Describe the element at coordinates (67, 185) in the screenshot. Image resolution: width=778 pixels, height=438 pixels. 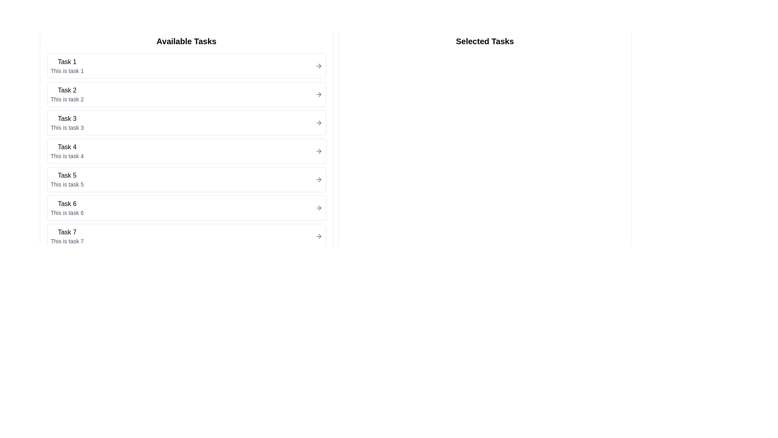
I see `the text label that contains 'This is task 5', which is styled in a small font size and gray color, located below the title 'Task 5' in the 'Available Tasks' section` at that location.